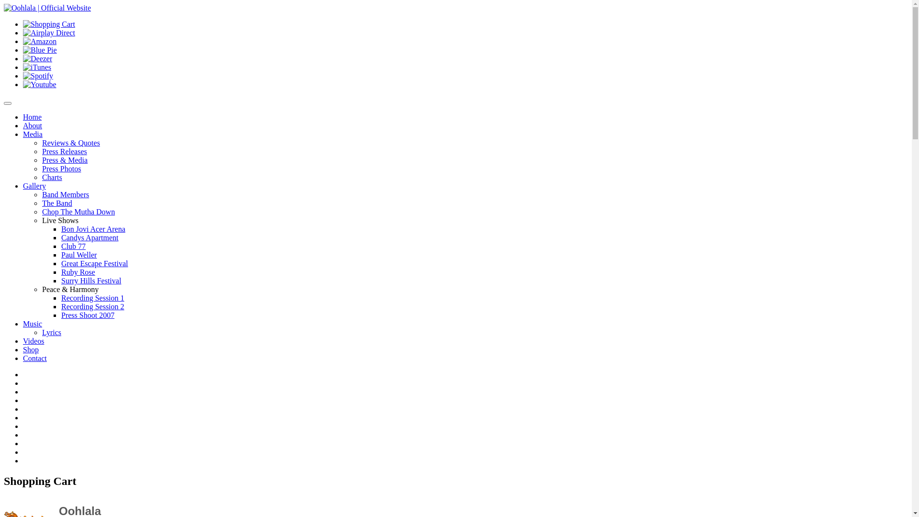 The width and height of the screenshot is (919, 517). What do you see at coordinates (88, 315) in the screenshot?
I see `'Press Shoot 2007'` at bounding box center [88, 315].